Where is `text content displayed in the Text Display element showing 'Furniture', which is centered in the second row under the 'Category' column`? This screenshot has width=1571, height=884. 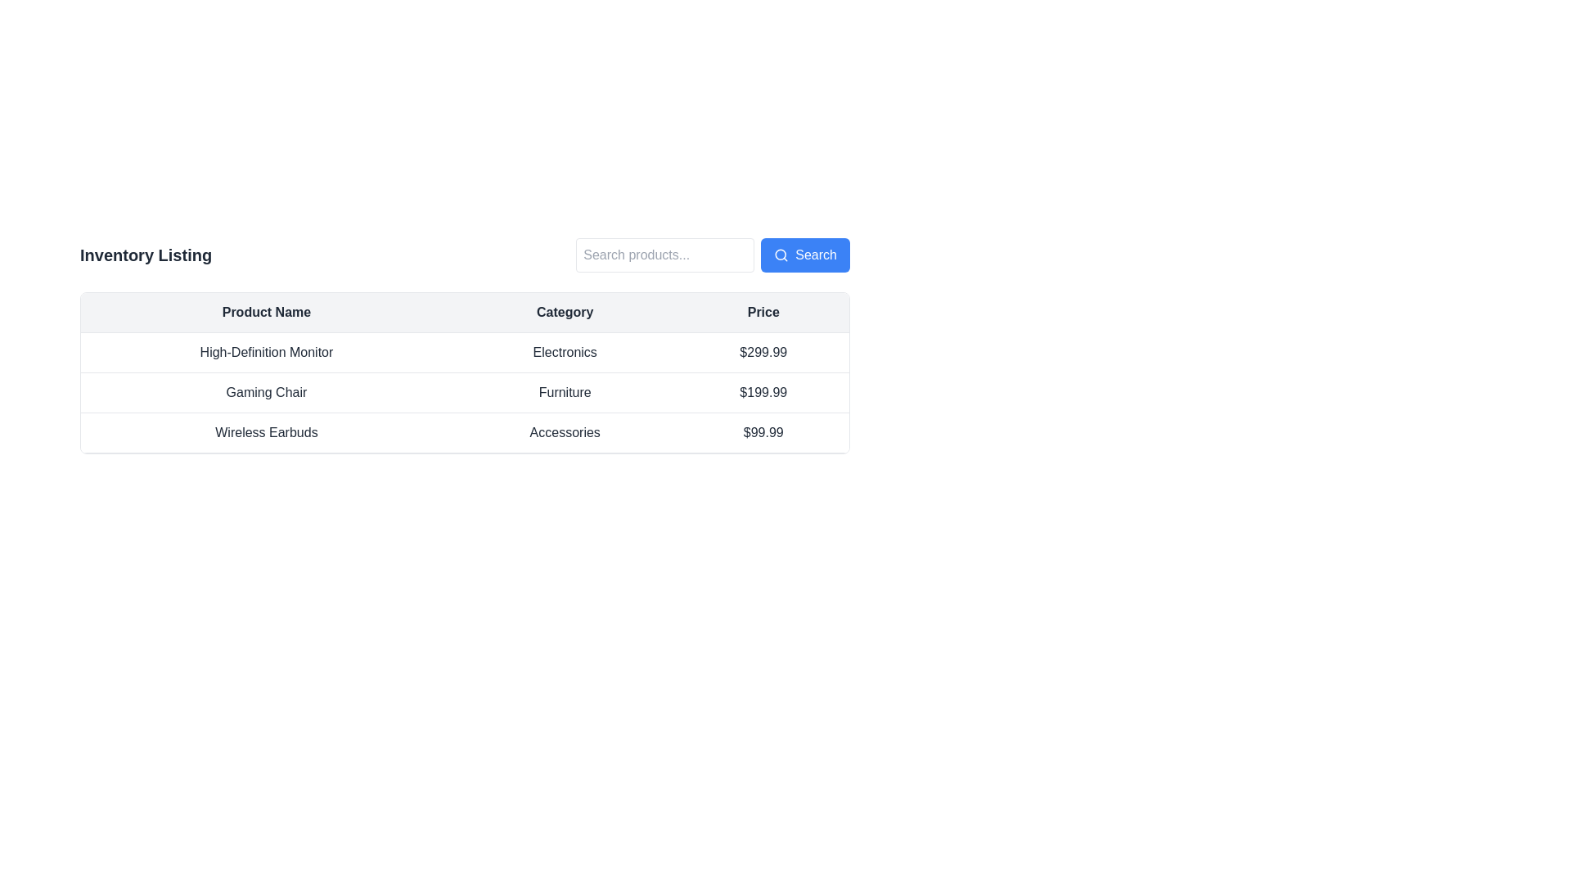
text content displayed in the Text Display element showing 'Furniture', which is centered in the second row under the 'Category' column is located at coordinates (565, 392).